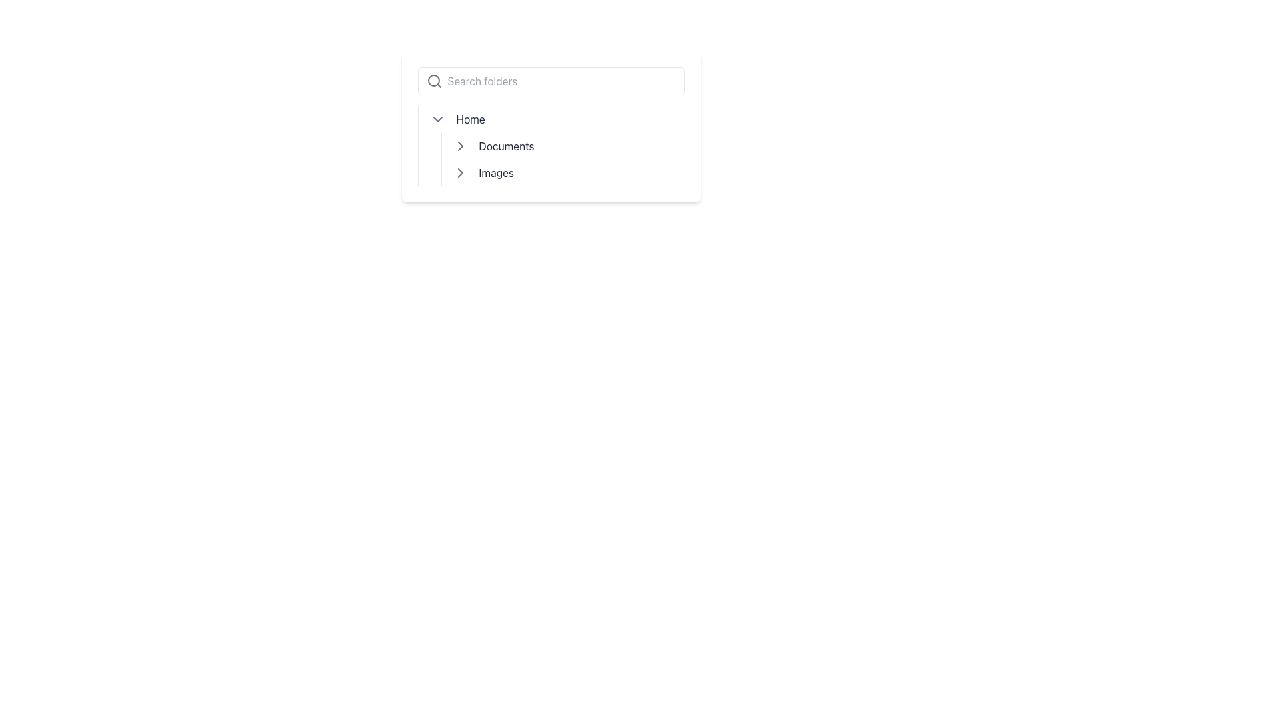  What do you see at coordinates (495, 172) in the screenshot?
I see `the 'Images' text label located under the 'Documents' item in the side menu hierarchy` at bounding box center [495, 172].